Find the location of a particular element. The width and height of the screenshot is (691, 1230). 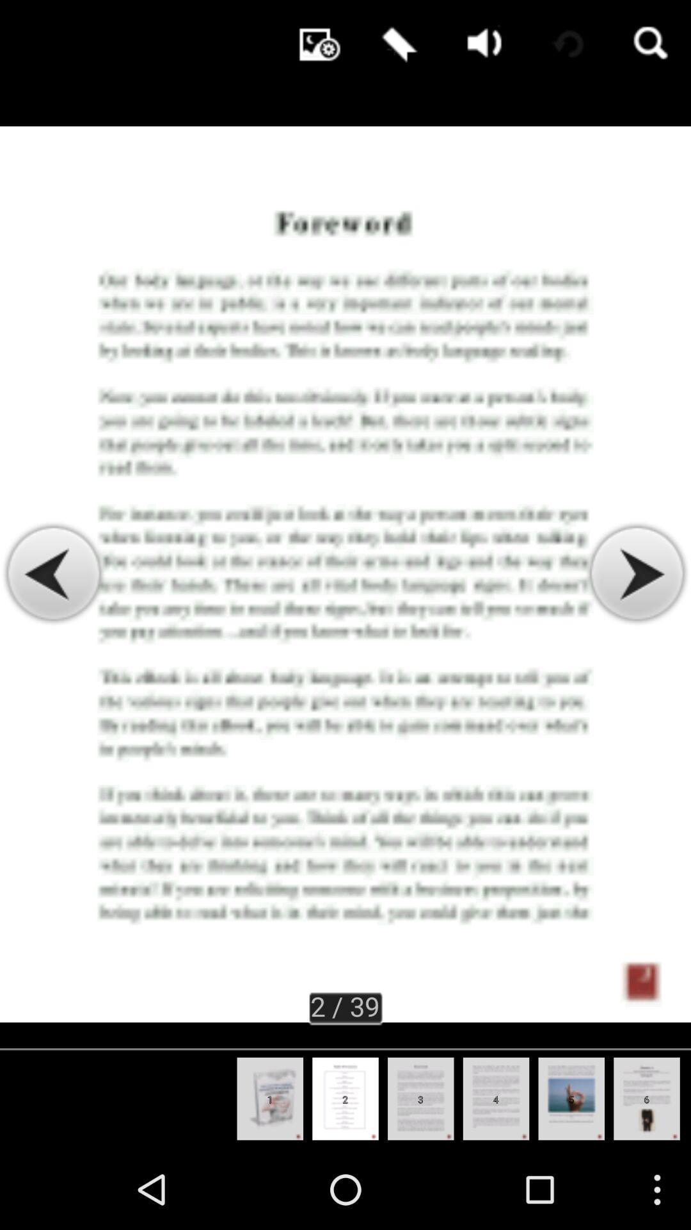

the wallpaper icon is located at coordinates (313, 45).